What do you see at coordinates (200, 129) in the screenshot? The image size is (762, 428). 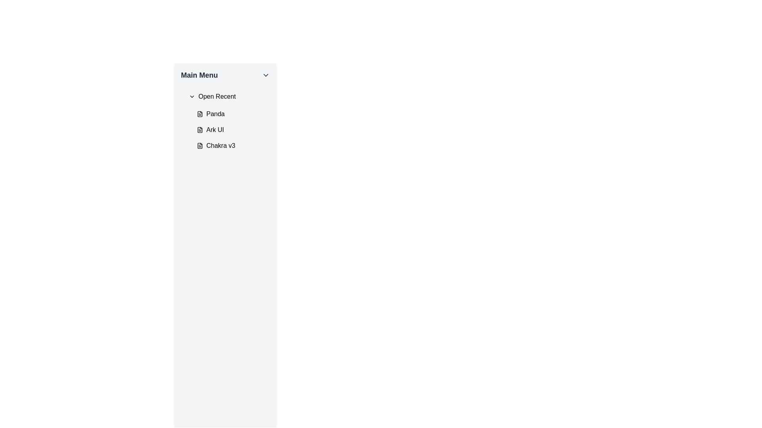 I see `the document icon next to the 'Ark UI' text in the 'Open Recent' subsection of the 'Main Menu'` at bounding box center [200, 129].